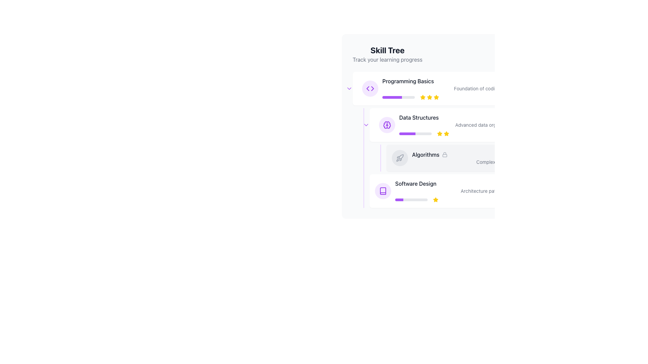 This screenshot has width=648, height=364. Describe the element at coordinates (387, 50) in the screenshot. I see `the 'Skill Tree' text label, which is a bold and prominently displayed title at the top of the section` at that location.